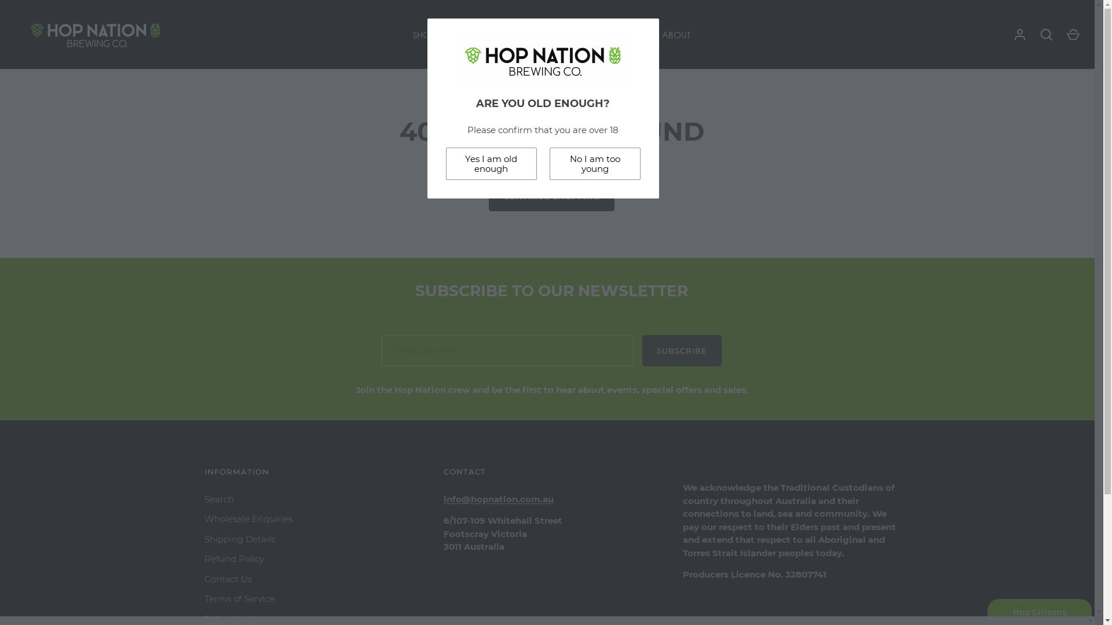  I want to click on 'Wholesale Enquiries', so click(247, 518).